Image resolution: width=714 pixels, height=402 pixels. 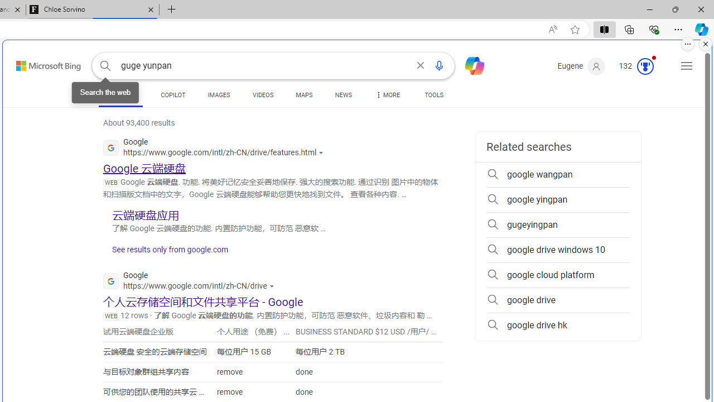 I want to click on 'MAPS', so click(x=304, y=96).